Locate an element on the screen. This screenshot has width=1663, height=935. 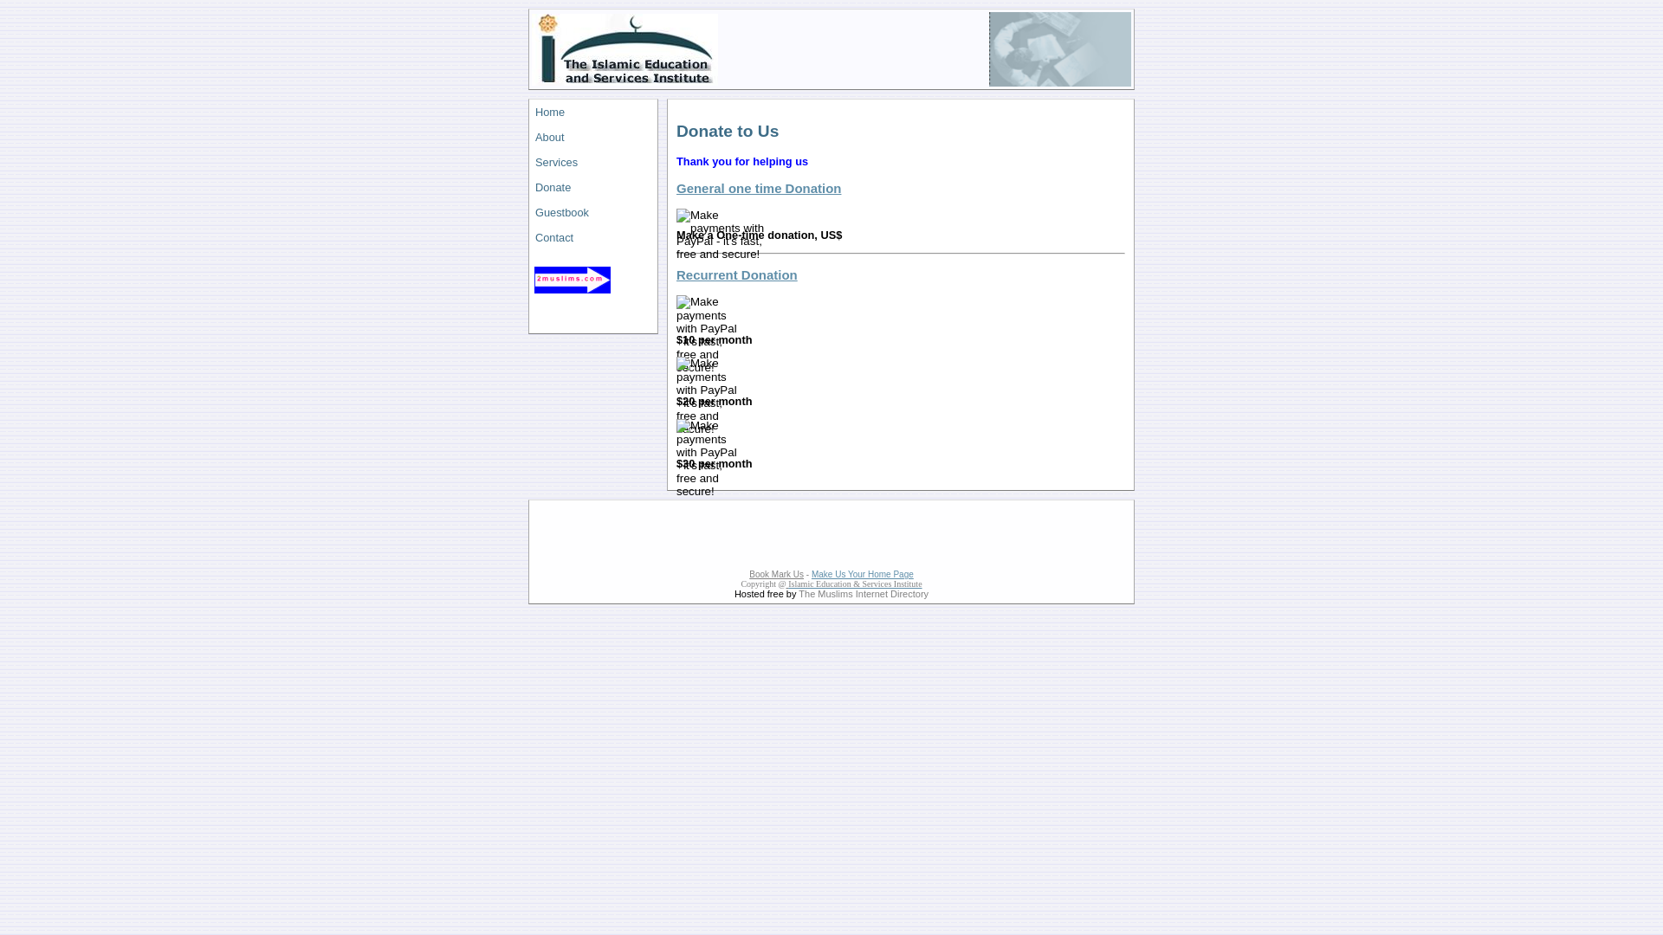
'Services' is located at coordinates (593, 162).